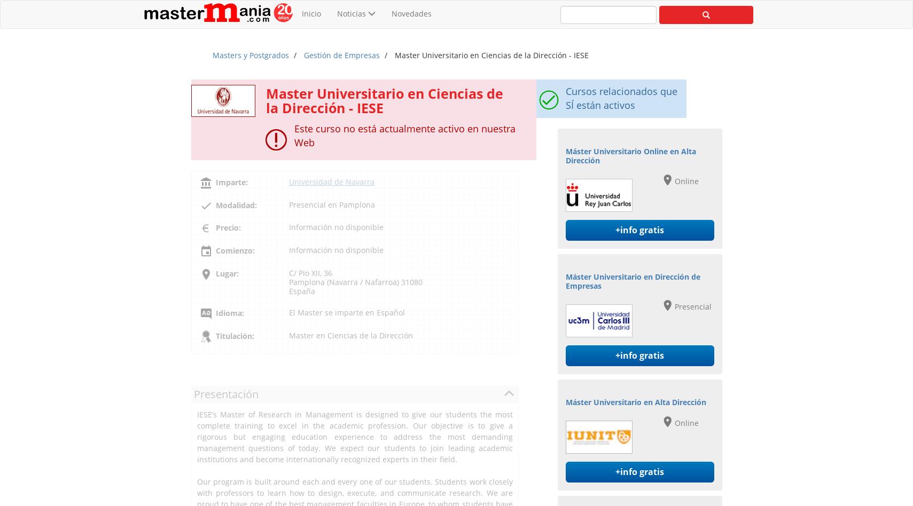 This screenshot has width=913, height=506. Describe the element at coordinates (231, 181) in the screenshot. I see `'Imparte:'` at that location.